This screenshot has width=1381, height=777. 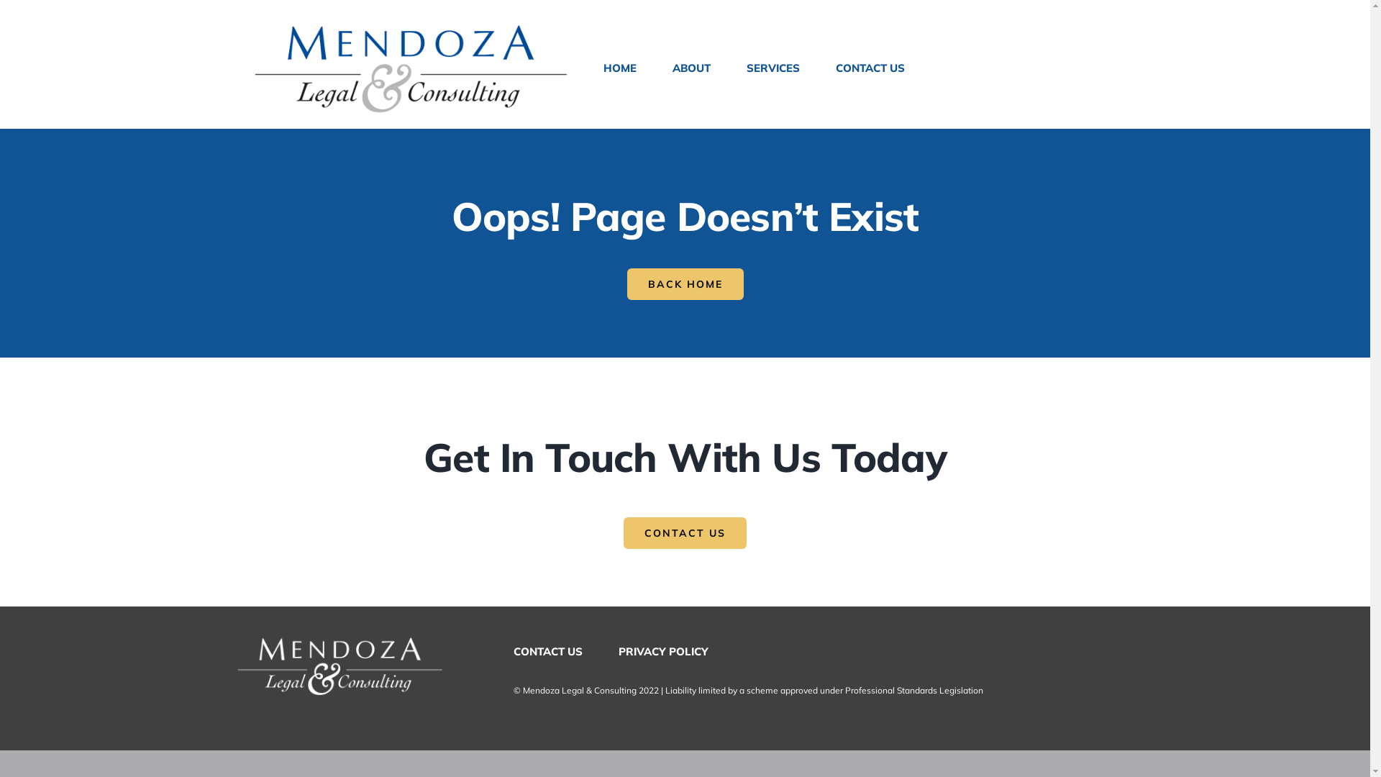 What do you see at coordinates (338, 665) in the screenshot?
I see `'Logo-SML-White_v2'` at bounding box center [338, 665].